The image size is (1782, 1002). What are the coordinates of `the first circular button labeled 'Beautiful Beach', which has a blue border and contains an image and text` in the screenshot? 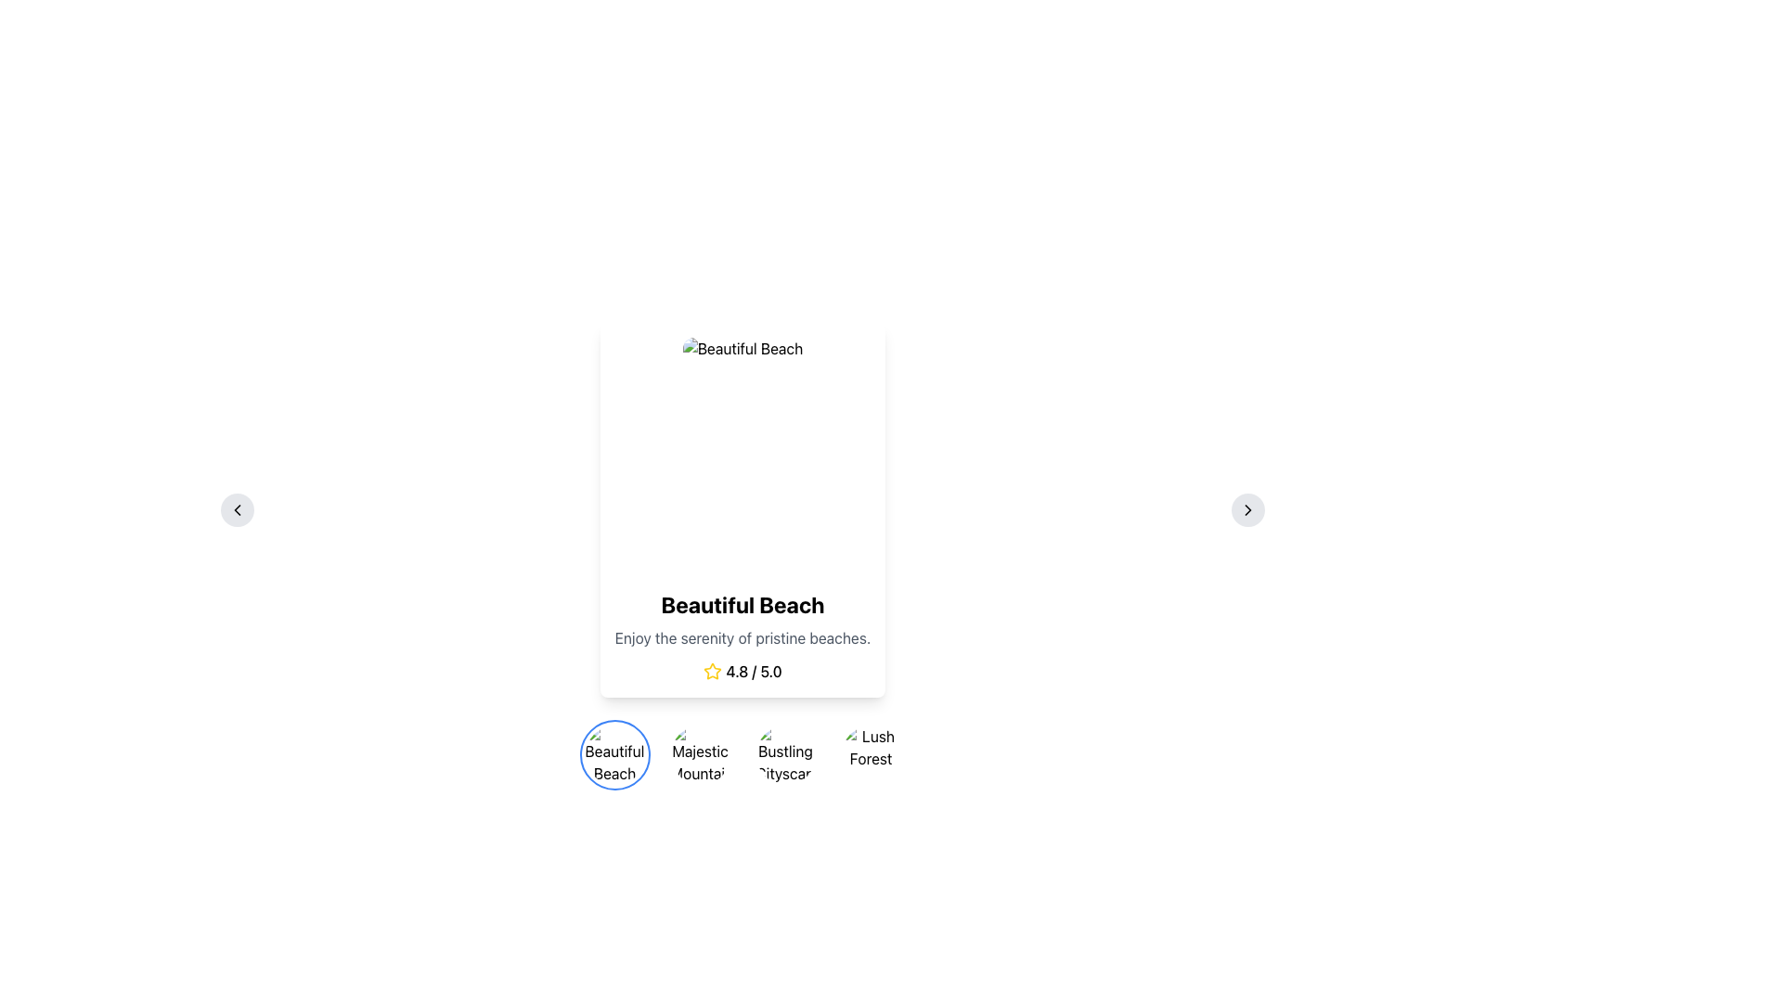 It's located at (614, 754).